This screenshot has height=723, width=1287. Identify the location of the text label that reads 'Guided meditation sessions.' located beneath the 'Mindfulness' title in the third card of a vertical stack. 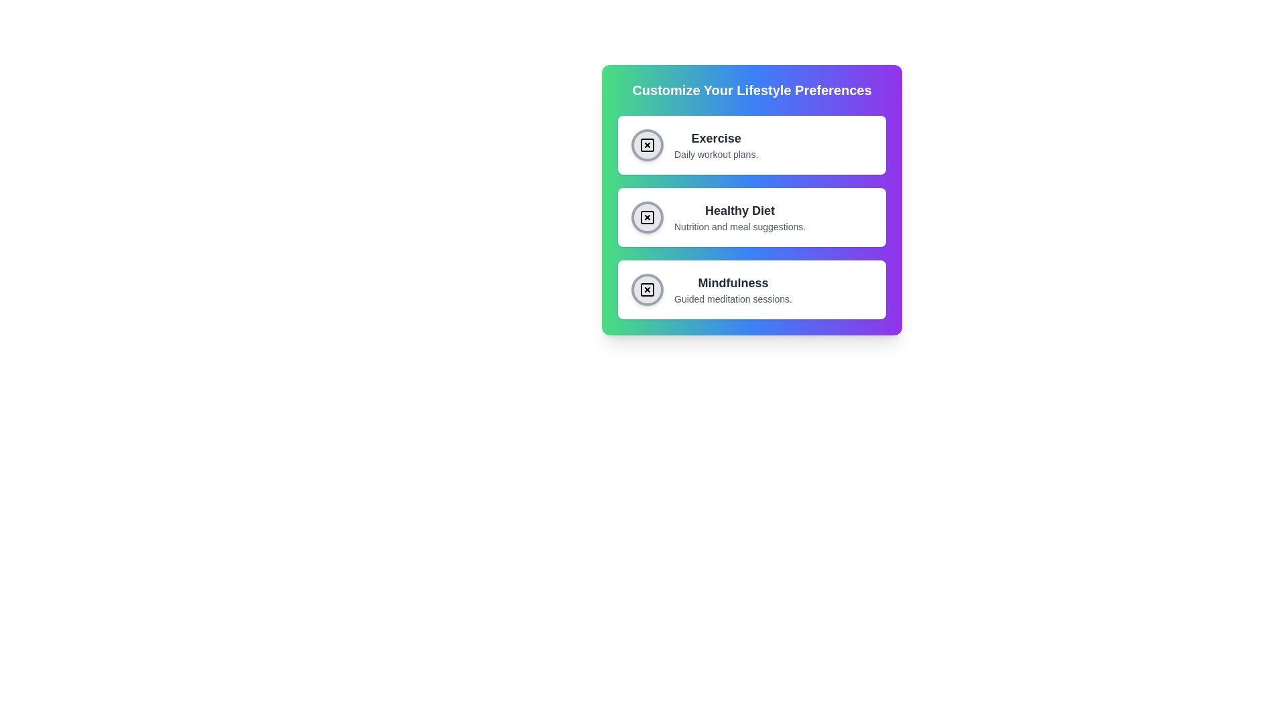
(733, 299).